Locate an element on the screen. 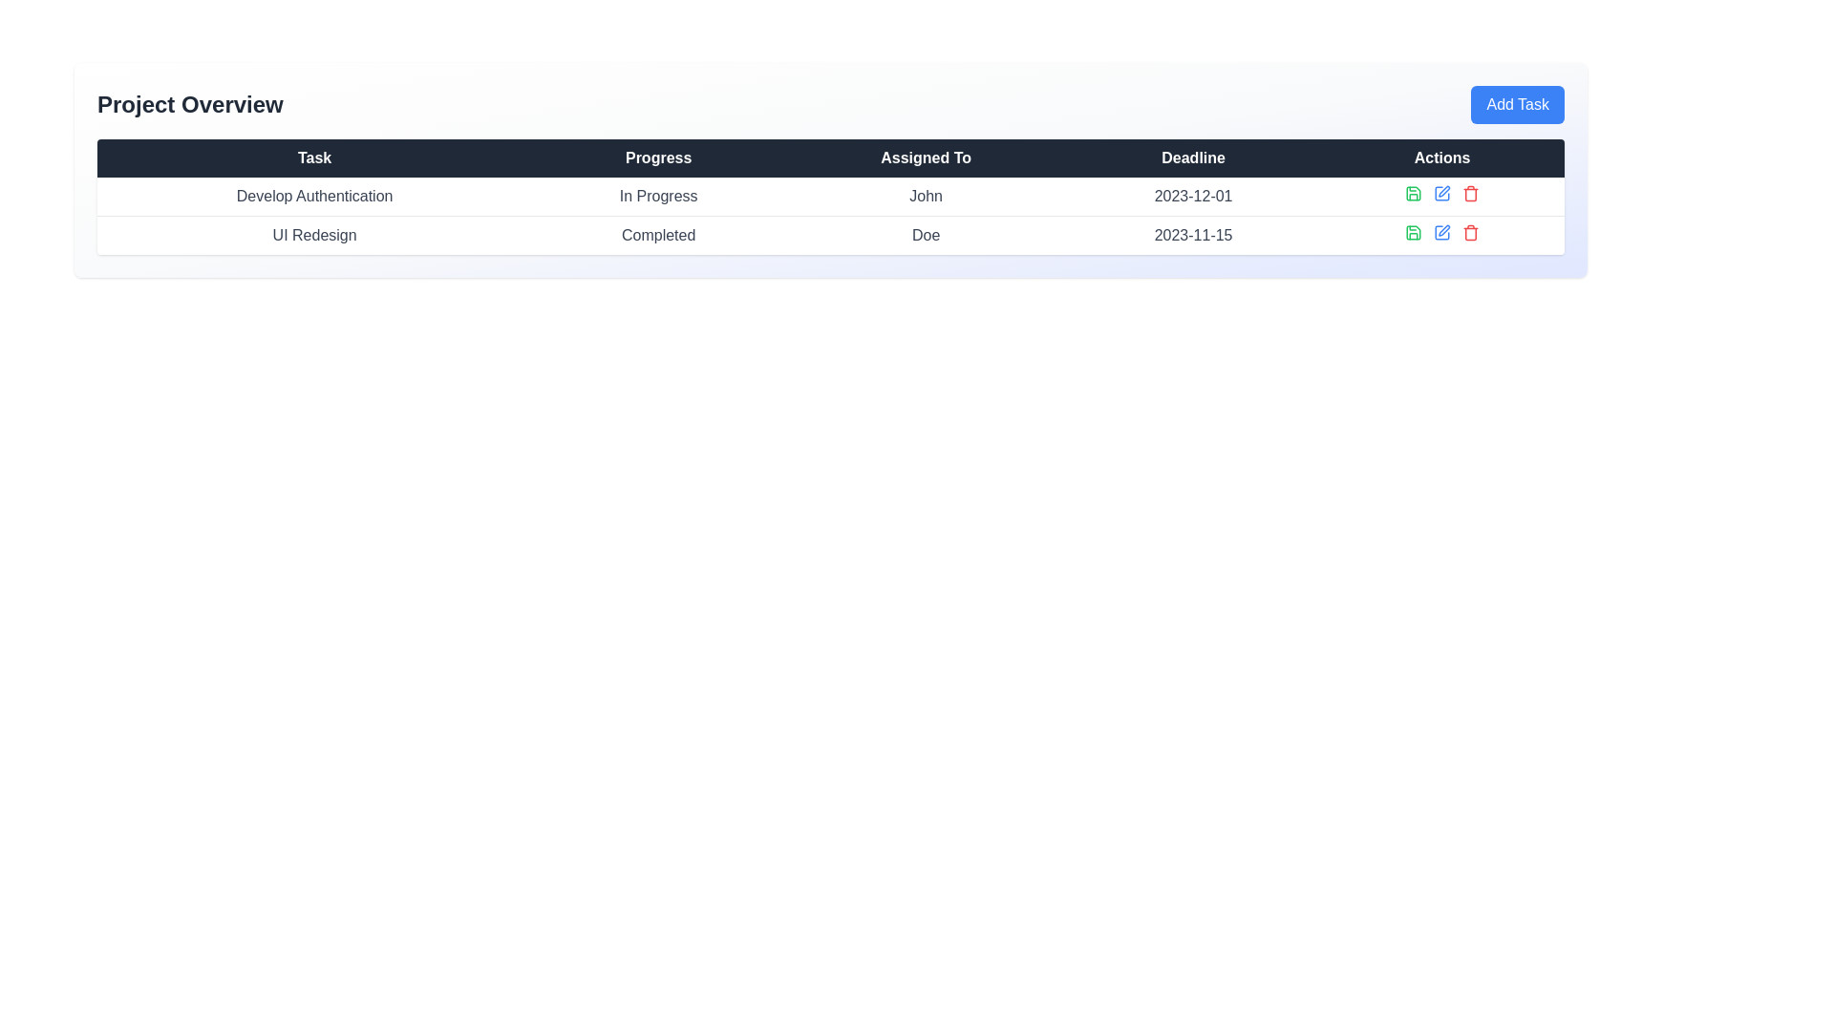  the header element in the 'Project Overview' table that indicates the corresponding data relates to the person or entity assigned to each task, positioned centrally between 'Progress' and 'Deadline' is located at coordinates (926, 157).